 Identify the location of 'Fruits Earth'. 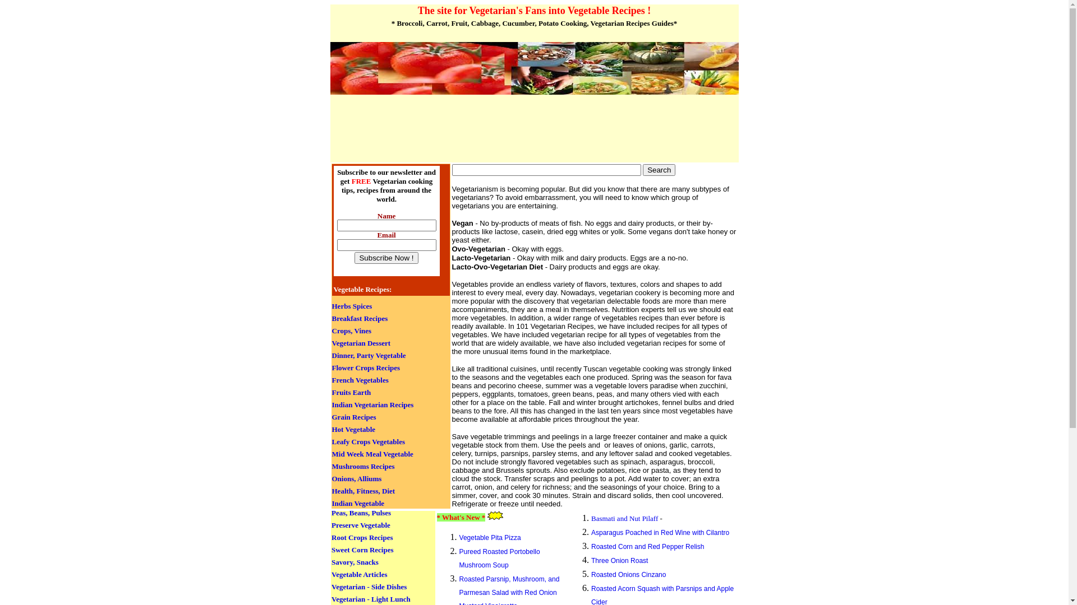
(351, 392).